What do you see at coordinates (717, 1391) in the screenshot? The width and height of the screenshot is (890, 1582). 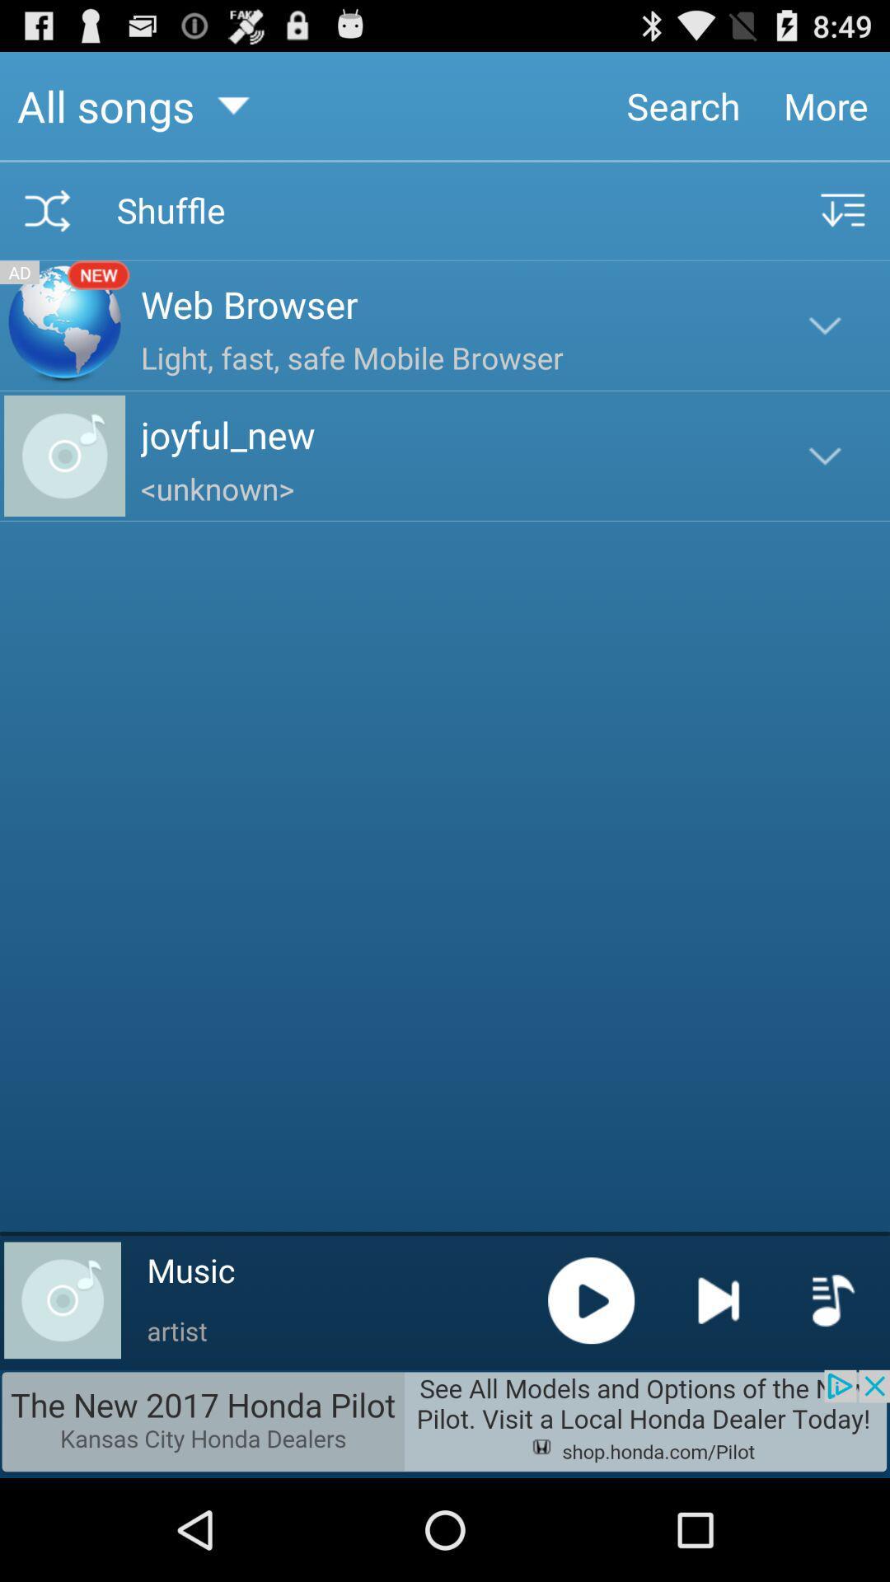 I see `the skip_next icon` at bounding box center [717, 1391].